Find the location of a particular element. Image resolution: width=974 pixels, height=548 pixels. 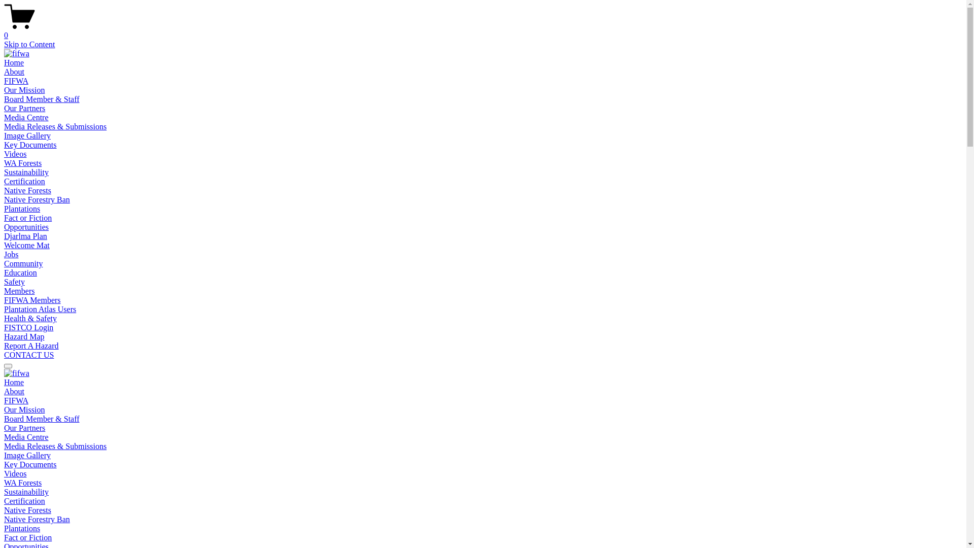

'Key Documents' is located at coordinates (4, 464).